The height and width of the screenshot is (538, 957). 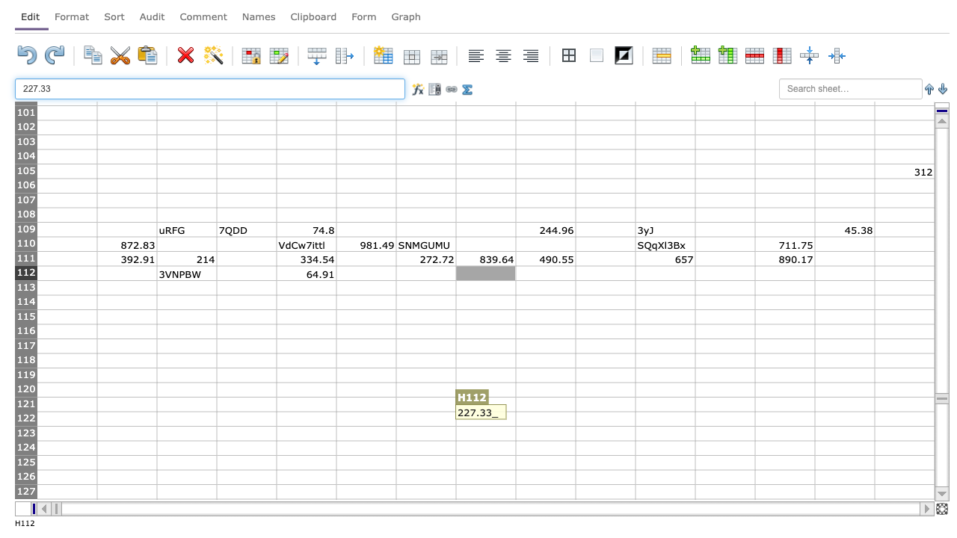 What do you see at coordinates (544, 418) in the screenshot?
I see `column I row 122` at bounding box center [544, 418].